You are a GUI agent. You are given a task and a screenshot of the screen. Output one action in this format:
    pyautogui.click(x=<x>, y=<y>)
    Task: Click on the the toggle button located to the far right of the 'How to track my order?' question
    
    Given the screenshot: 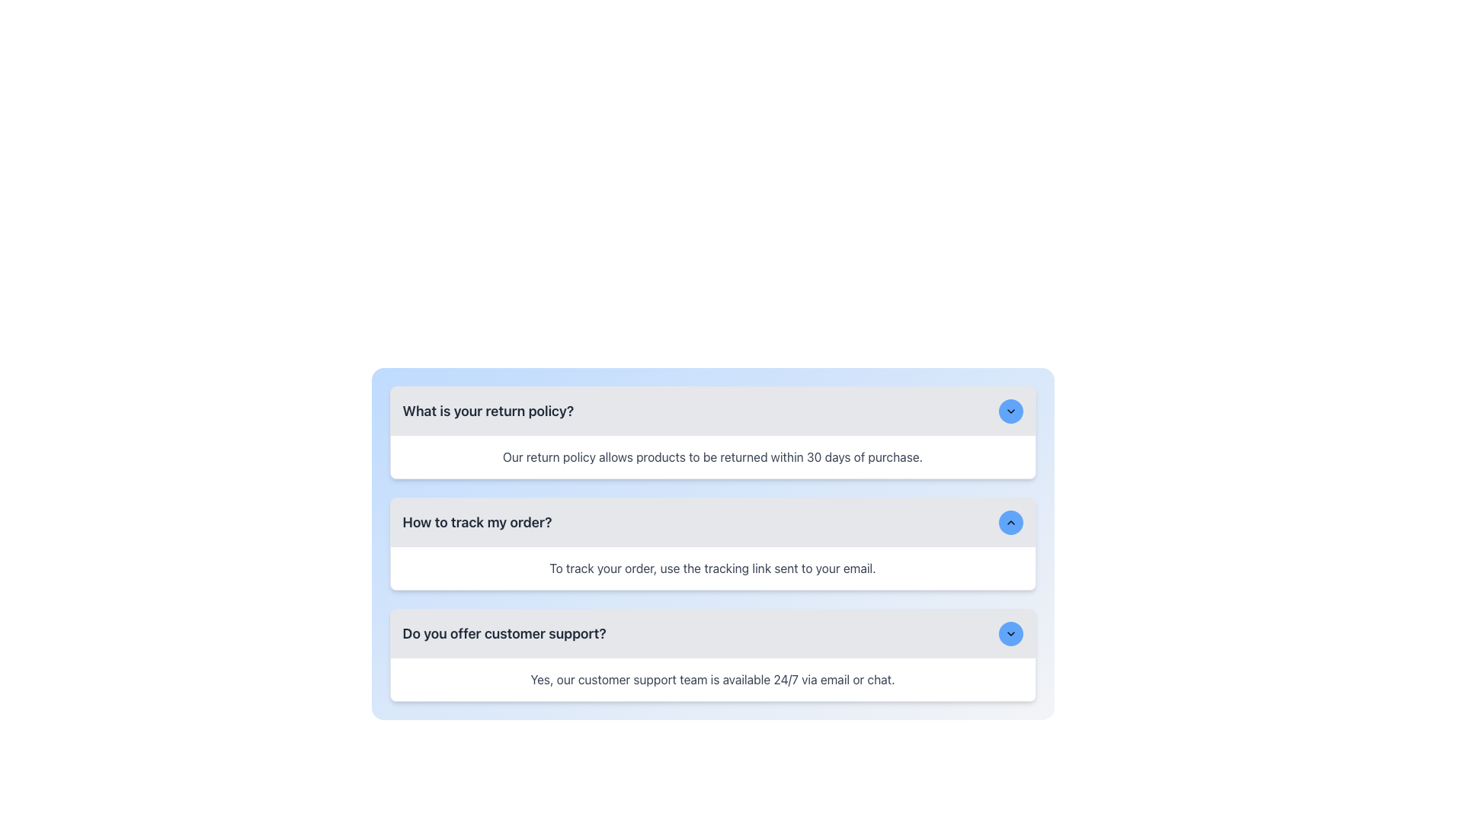 What is the action you would take?
    pyautogui.click(x=1010, y=522)
    